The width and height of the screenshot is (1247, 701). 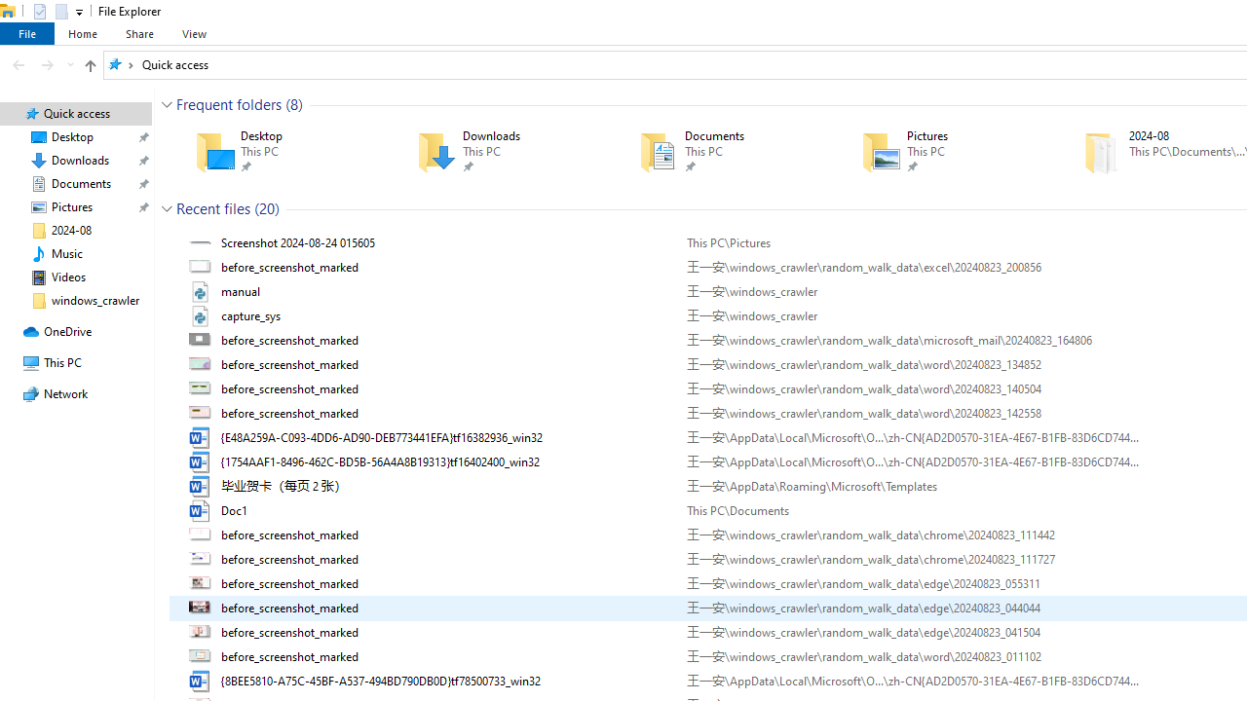 I want to click on 'Name', so click(x=445, y=680).